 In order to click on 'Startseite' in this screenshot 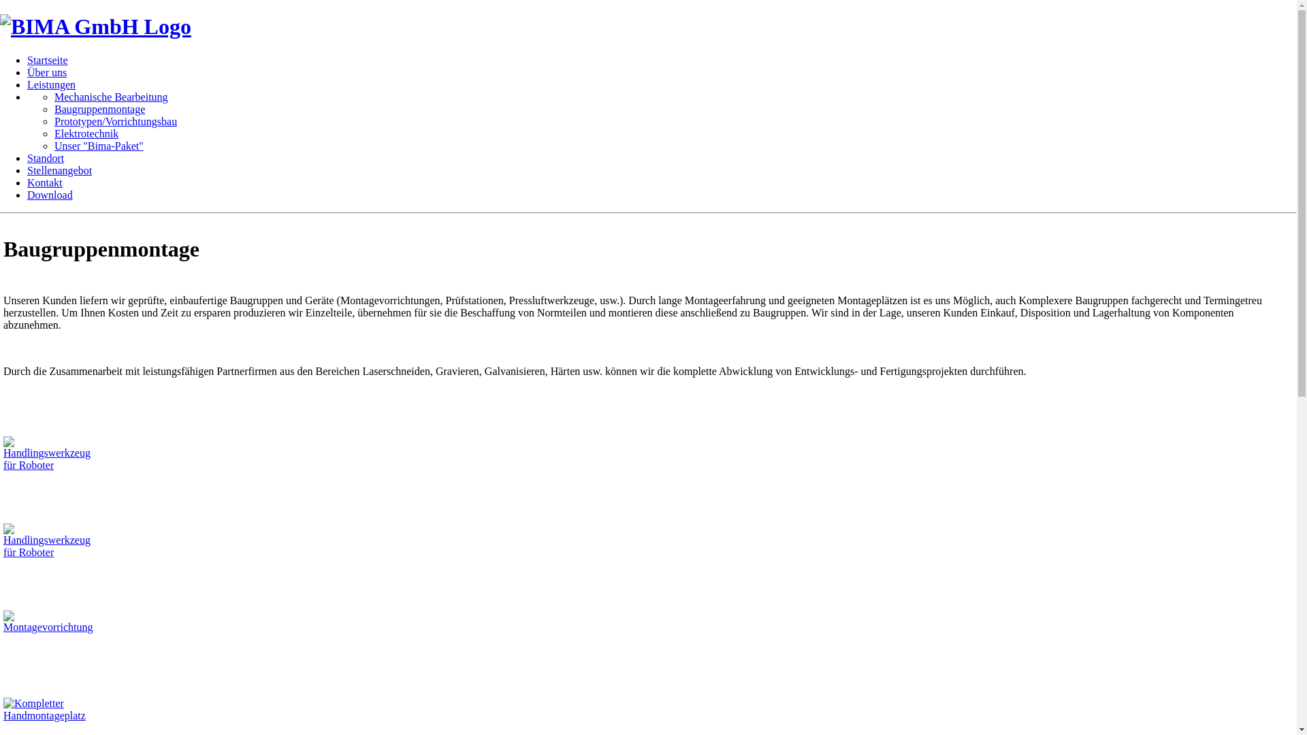, I will do `click(48, 59)`.